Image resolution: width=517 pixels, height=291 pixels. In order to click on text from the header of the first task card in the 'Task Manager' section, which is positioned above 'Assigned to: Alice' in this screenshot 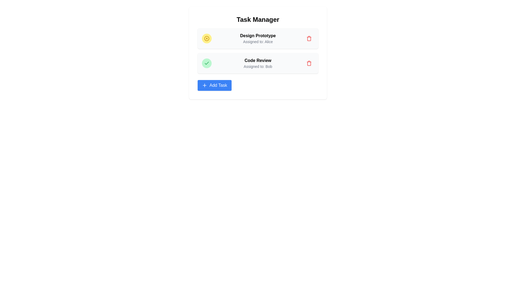, I will do `click(258, 36)`.